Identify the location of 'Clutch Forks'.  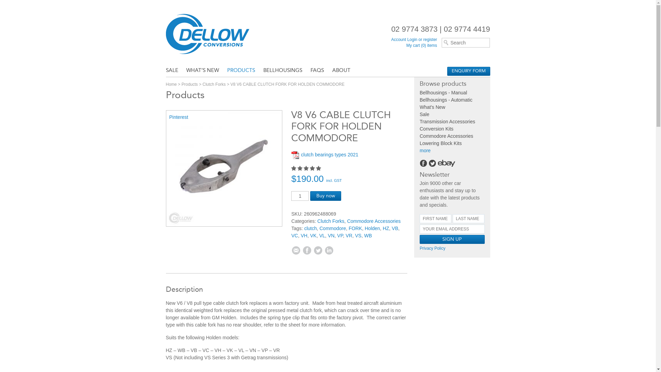
(331, 221).